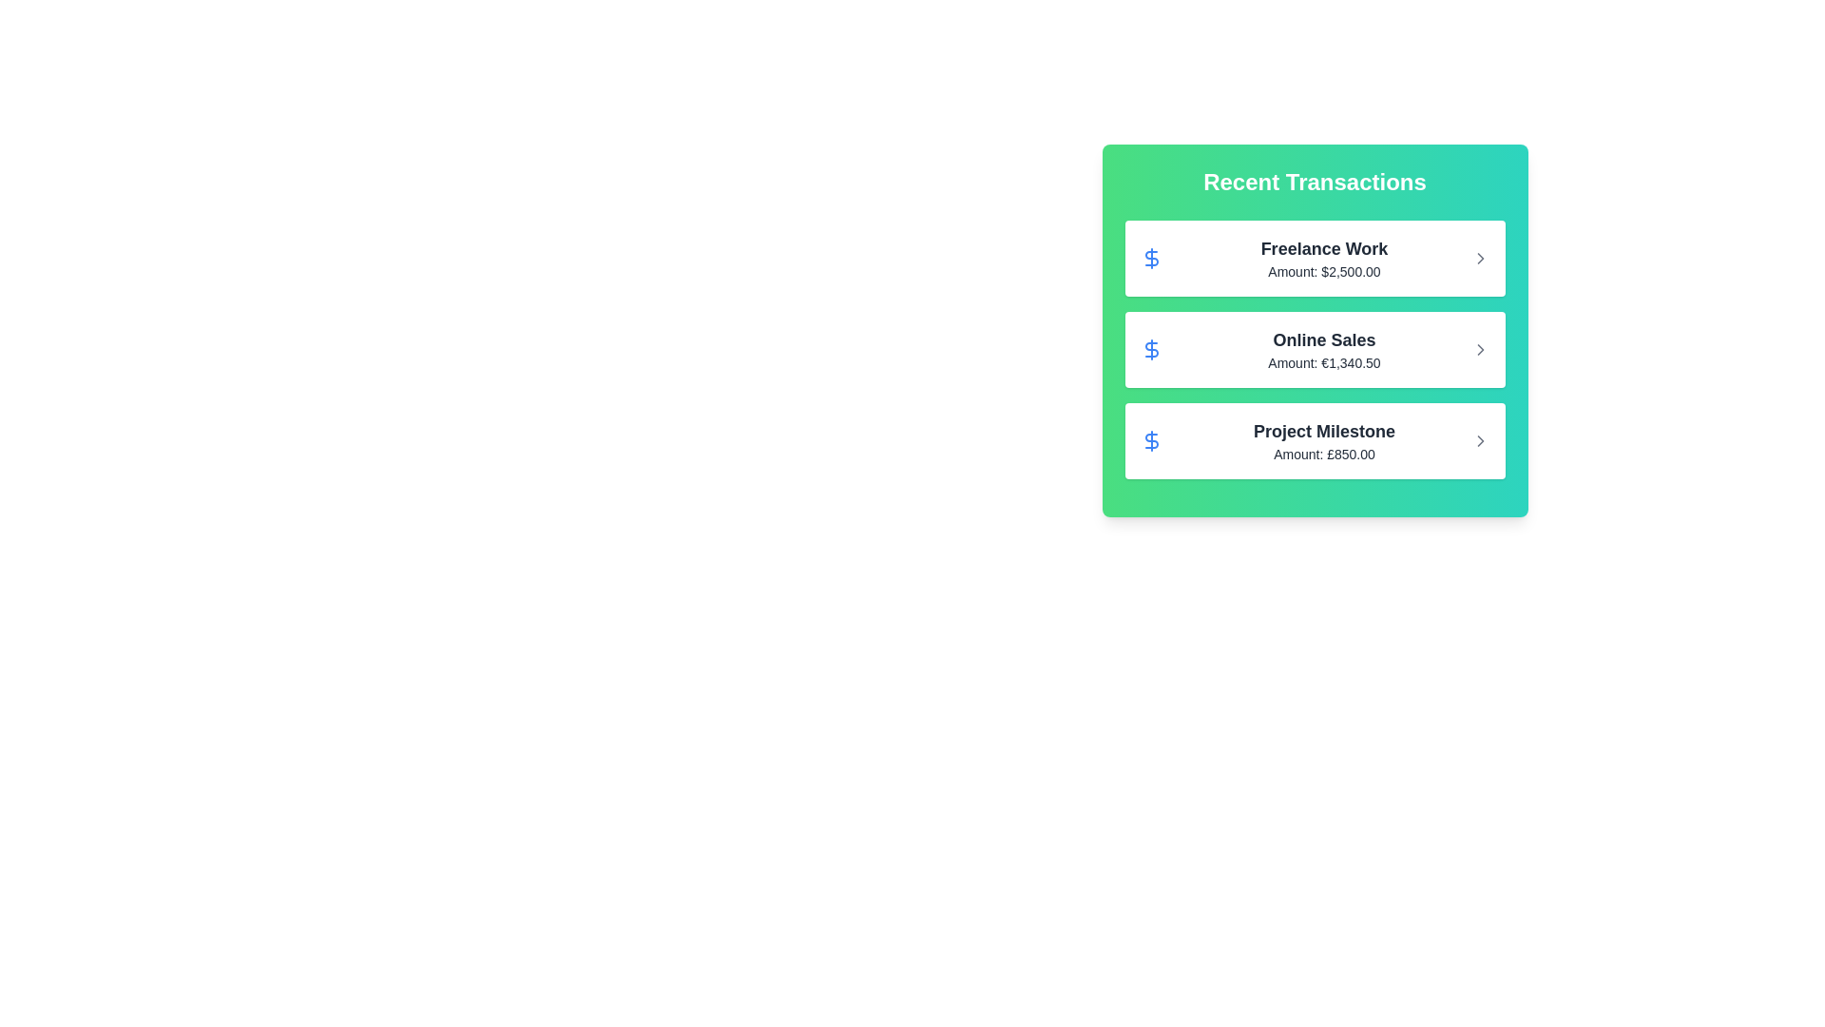 The height and width of the screenshot is (1027, 1825). I want to click on the SVG icon representing monetary transactions for 'Online Sales' located in the second row of the list of transactions, so click(1150, 349).